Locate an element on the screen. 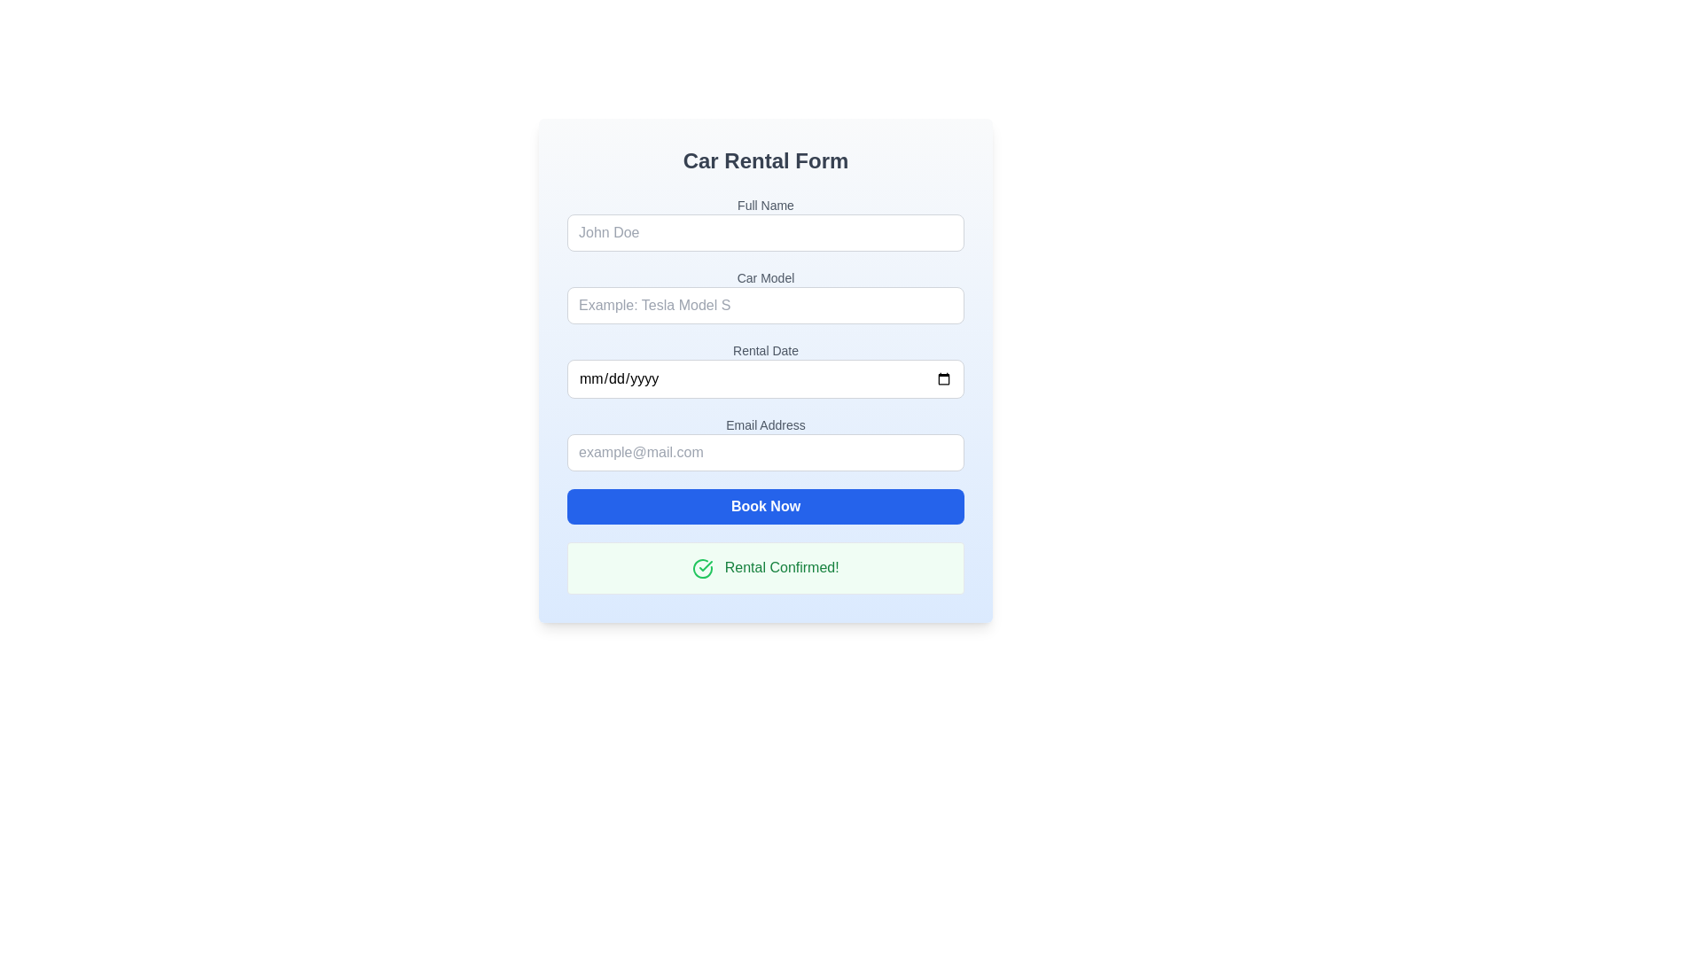  the confirmation icon that visually indicates the successful confirmation of an action, located above the text 'Rental Confirmed!' in the green confirmation message banner is located at coordinates (702, 568).